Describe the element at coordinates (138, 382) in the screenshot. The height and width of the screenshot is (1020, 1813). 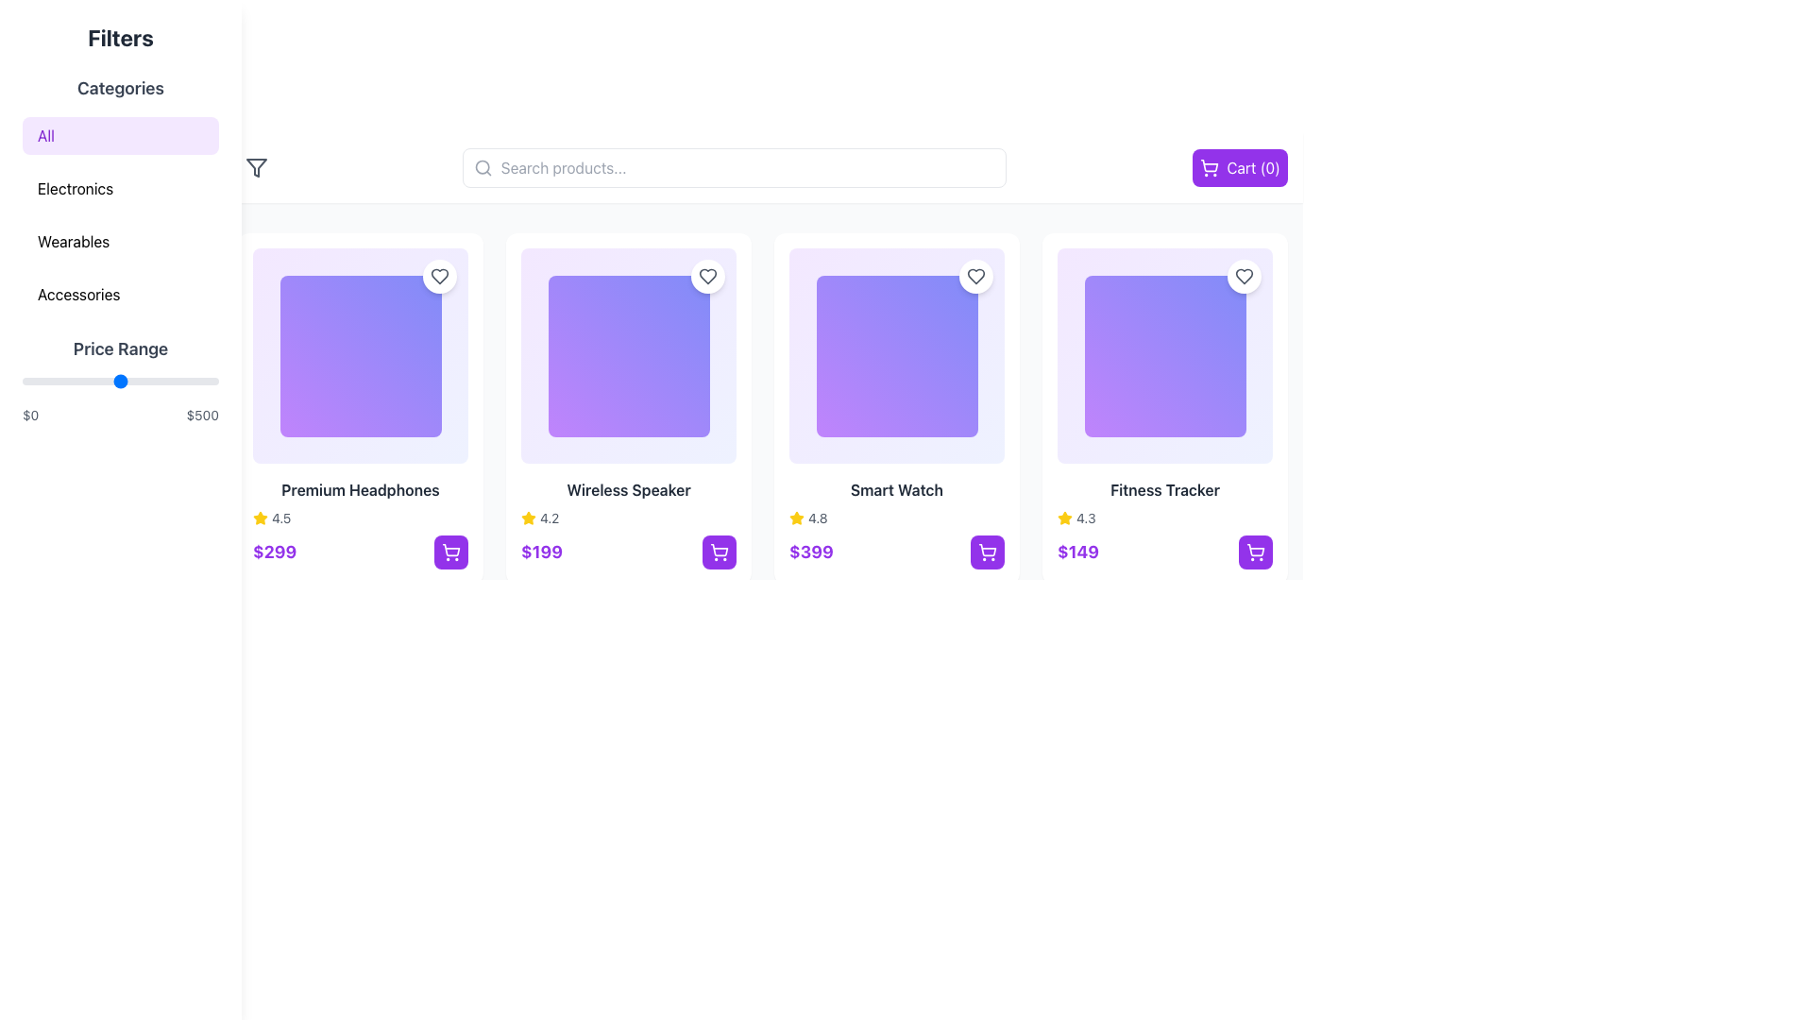
I see `the price range slider` at that location.